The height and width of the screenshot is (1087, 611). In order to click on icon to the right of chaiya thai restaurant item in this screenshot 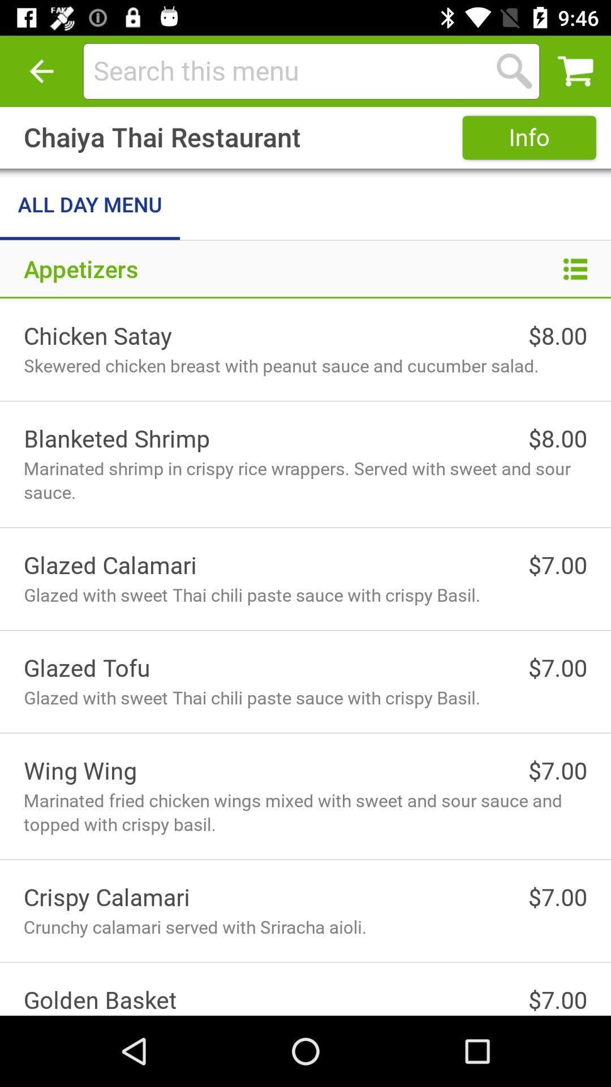, I will do `click(529, 137)`.